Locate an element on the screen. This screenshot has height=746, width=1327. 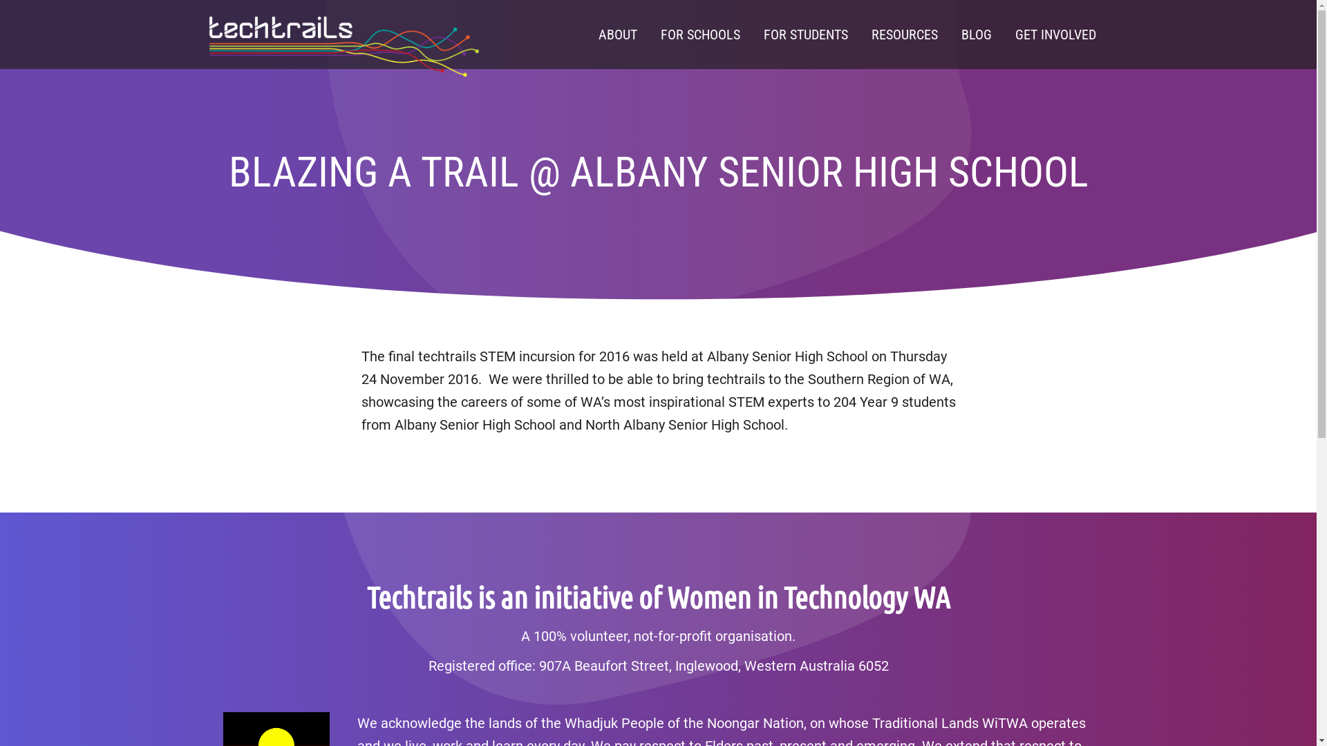
'FOR STUDENTS' is located at coordinates (751, 34).